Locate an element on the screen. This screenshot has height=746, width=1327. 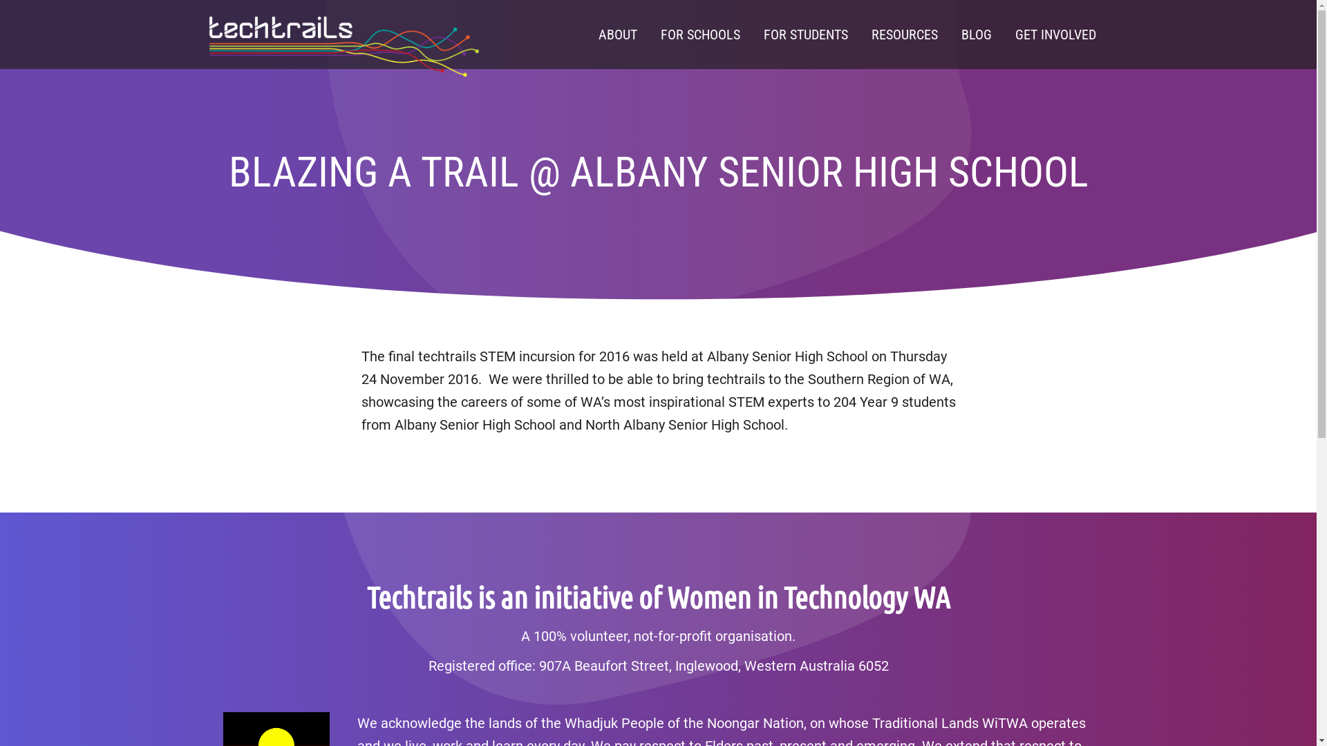
'FOR STUDENTS' is located at coordinates (751, 34).